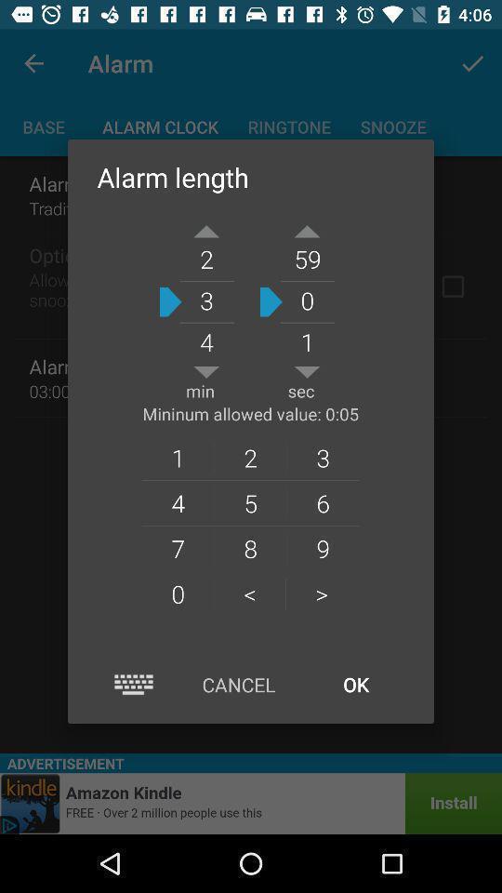 The image size is (502, 893). I want to click on the 4 item, so click(178, 501).